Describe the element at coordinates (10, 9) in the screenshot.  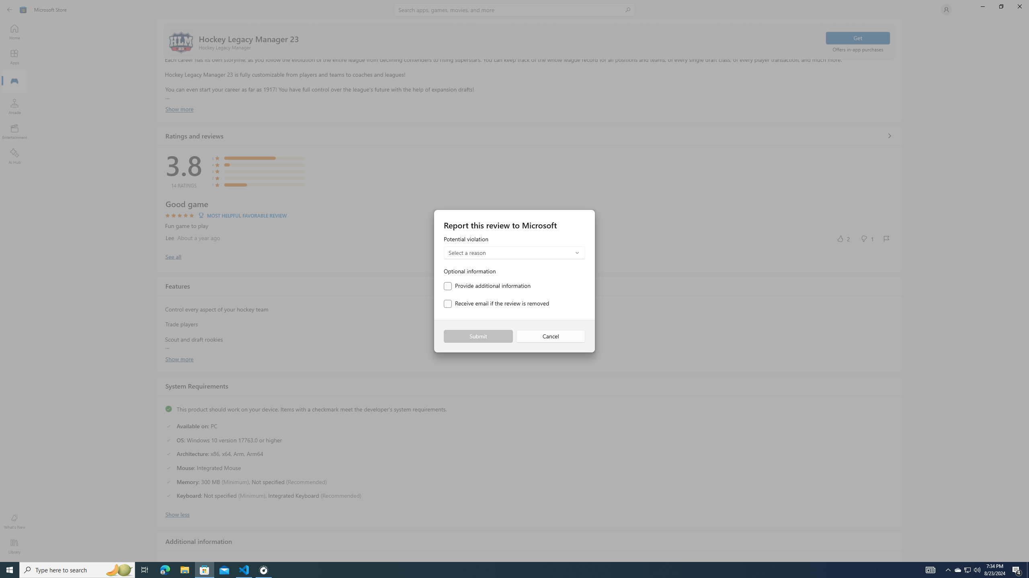
I see `'Back'` at that location.